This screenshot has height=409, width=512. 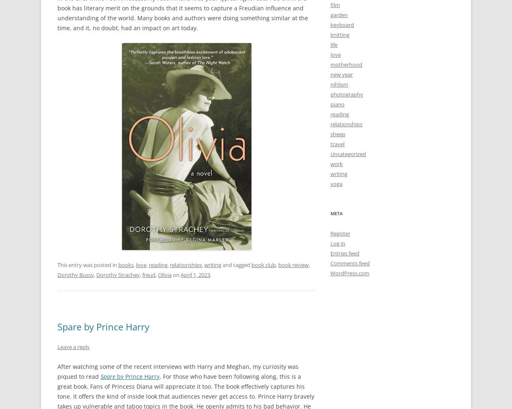 I want to click on 'book club', so click(x=263, y=264).